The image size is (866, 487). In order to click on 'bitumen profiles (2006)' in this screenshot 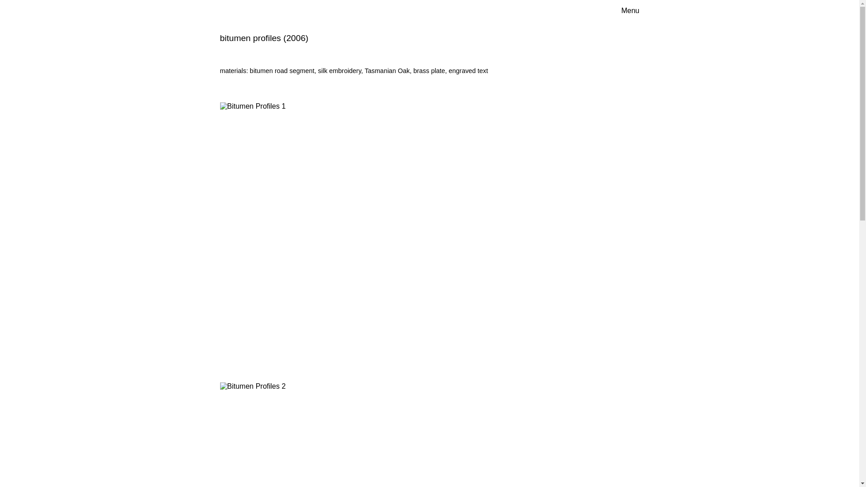, I will do `click(263, 37)`.